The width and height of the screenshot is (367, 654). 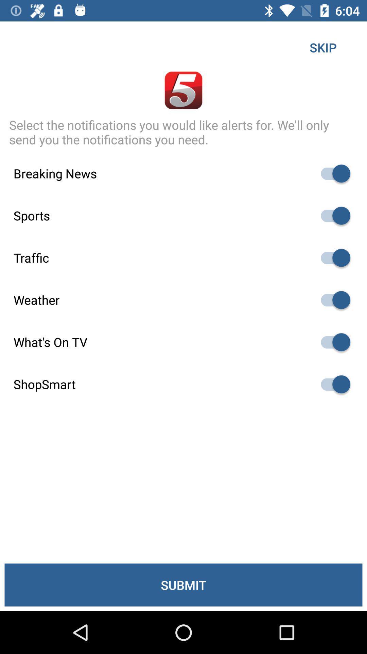 What do you see at coordinates (332, 258) in the screenshot?
I see `get traffic notifications` at bounding box center [332, 258].